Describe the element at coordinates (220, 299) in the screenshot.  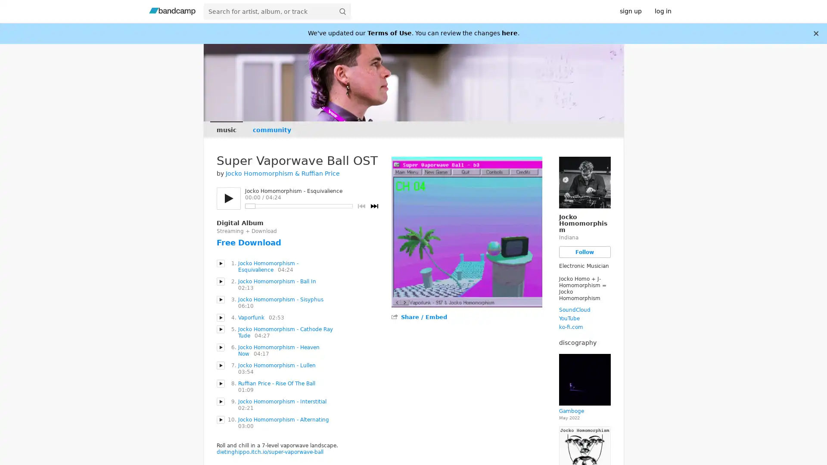
I see `Play Jocko Homomorphism - Sisyphus` at that location.